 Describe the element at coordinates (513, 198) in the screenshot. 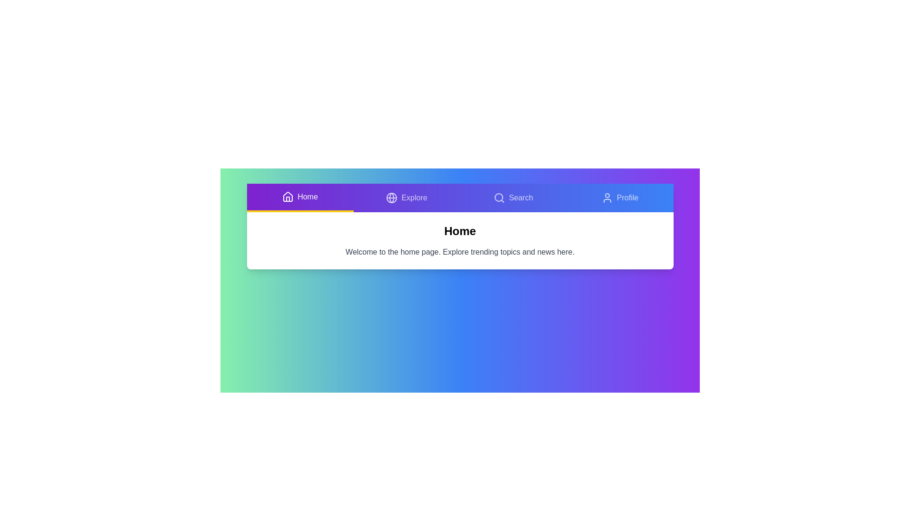

I see `the tab button labeled Search` at that location.